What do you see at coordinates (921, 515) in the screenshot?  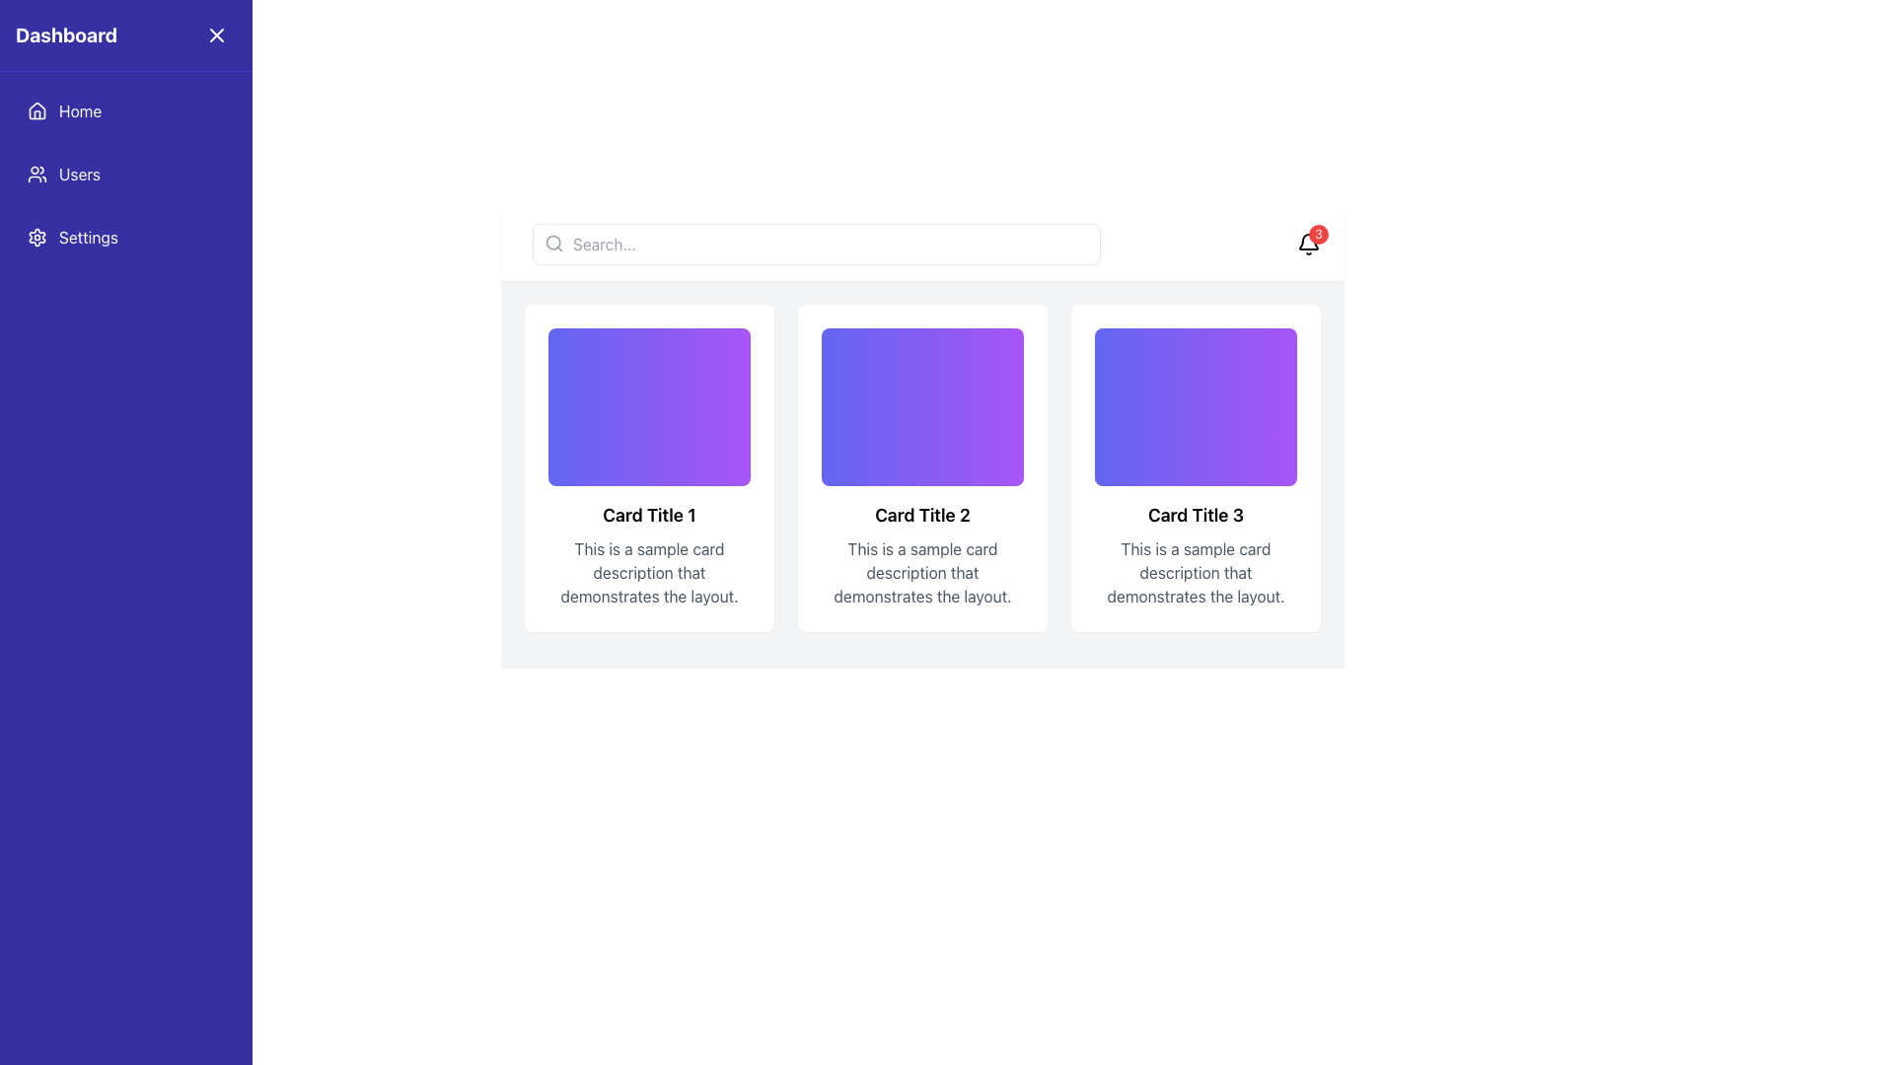 I see `the 'Card Title 2' text label, which is displayed in a bold, large font within the center card of three cards, positioned beneath a gradient rectangle` at bounding box center [921, 515].